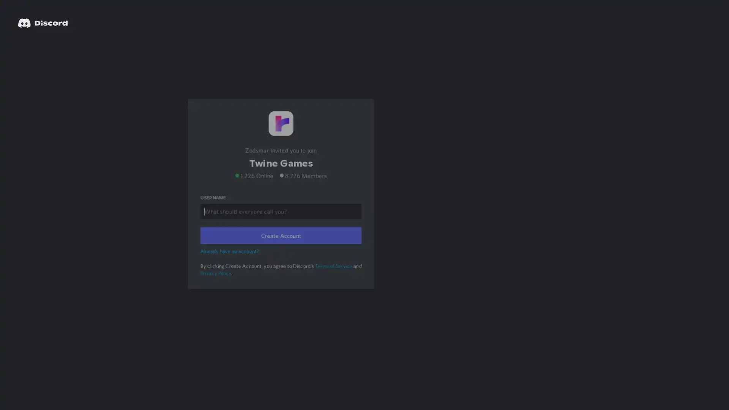 This screenshot has width=729, height=410. What do you see at coordinates (280, 246) in the screenshot?
I see `Create Account` at bounding box center [280, 246].